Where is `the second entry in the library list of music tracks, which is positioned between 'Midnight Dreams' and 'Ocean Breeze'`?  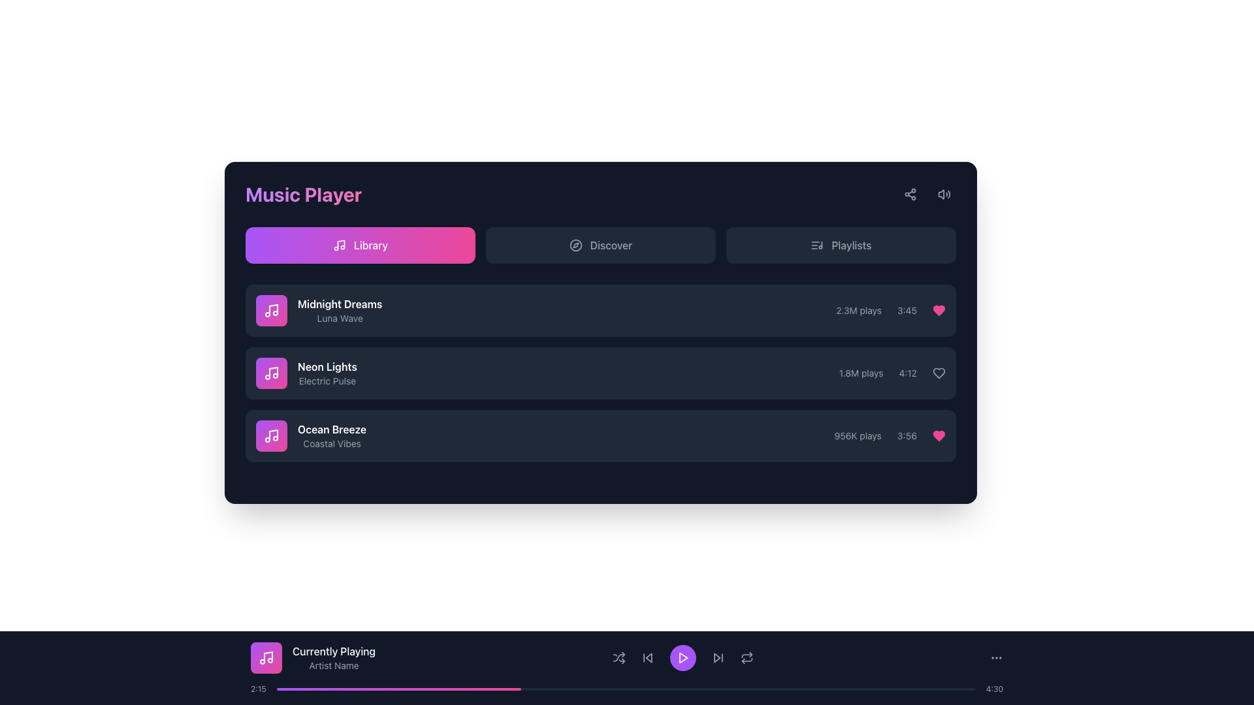 the second entry in the library list of music tracks, which is positioned between 'Midnight Dreams' and 'Ocean Breeze' is located at coordinates (600, 373).